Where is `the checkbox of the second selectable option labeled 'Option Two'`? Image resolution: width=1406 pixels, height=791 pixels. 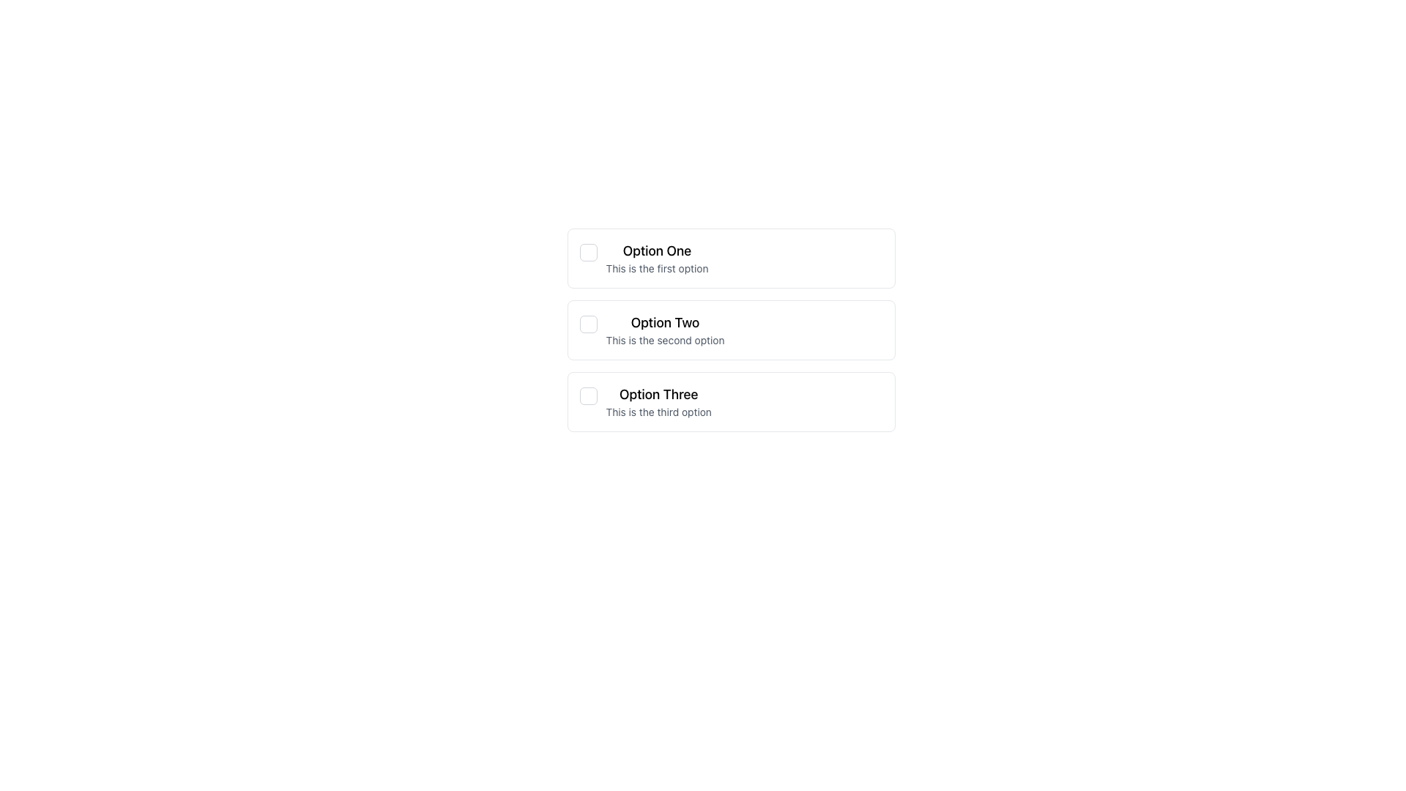
the checkbox of the second selectable option labeled 'Option Two' is located at coordinates (731, 330).